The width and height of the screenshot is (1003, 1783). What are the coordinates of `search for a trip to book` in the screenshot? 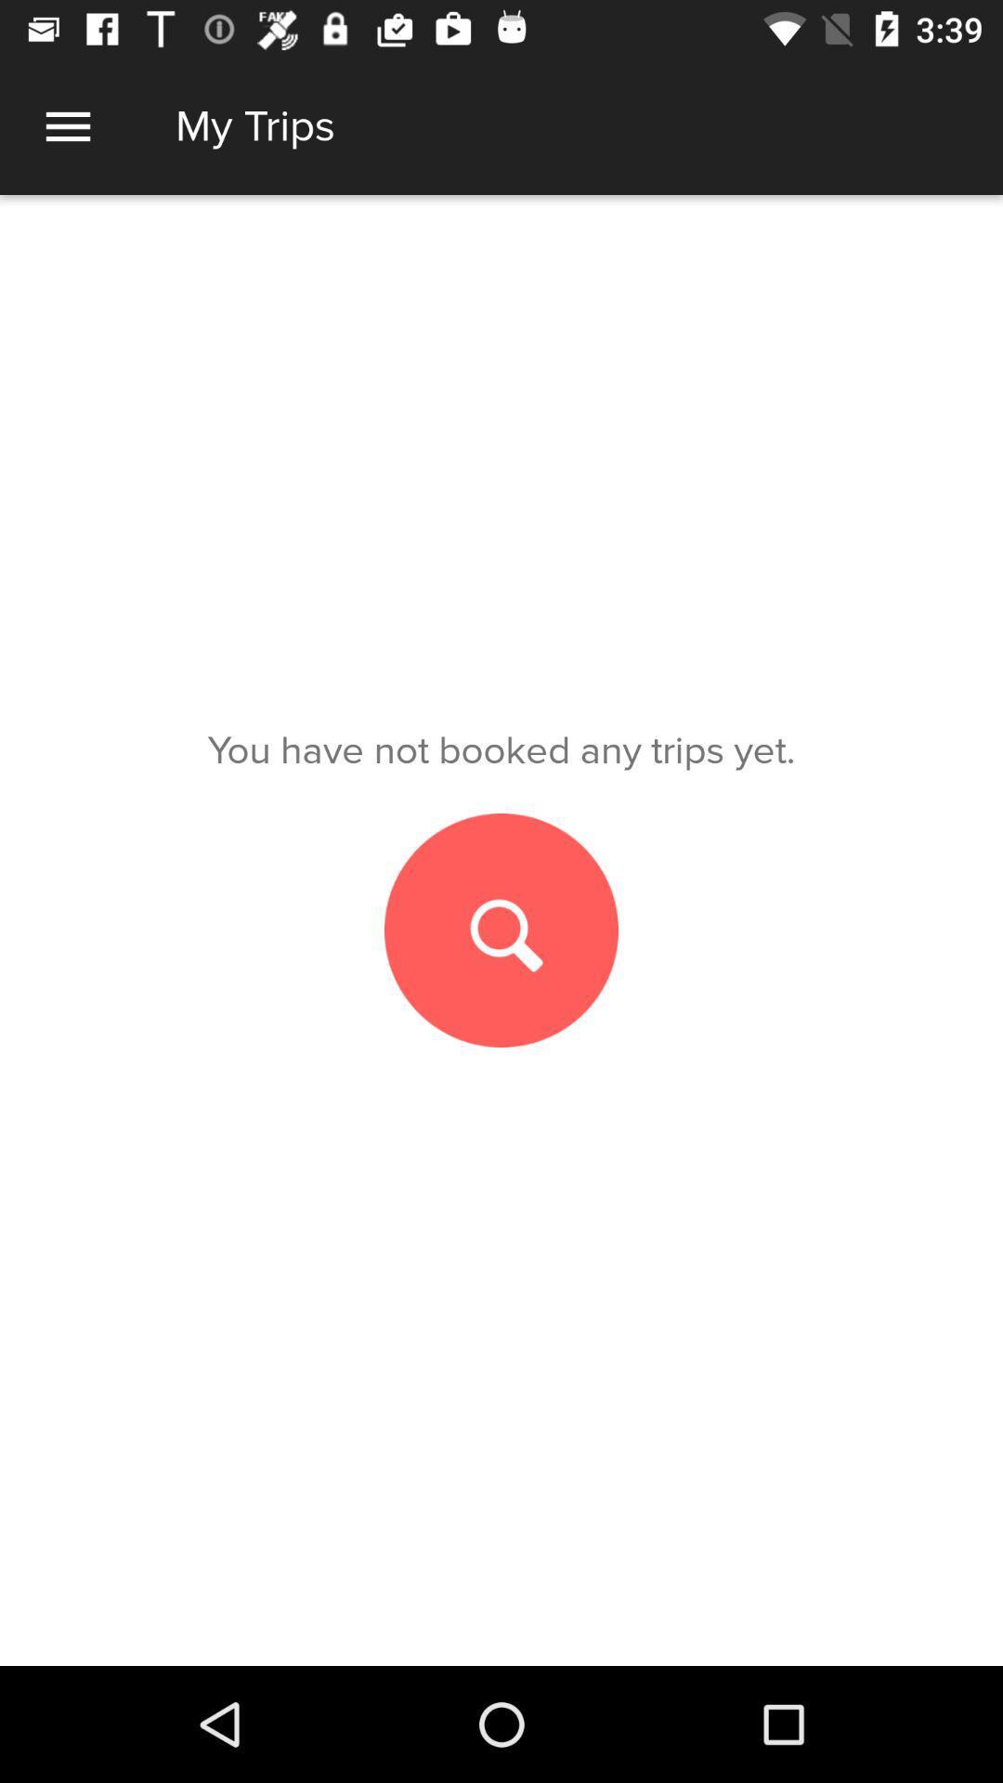 It's located at (501, 931).